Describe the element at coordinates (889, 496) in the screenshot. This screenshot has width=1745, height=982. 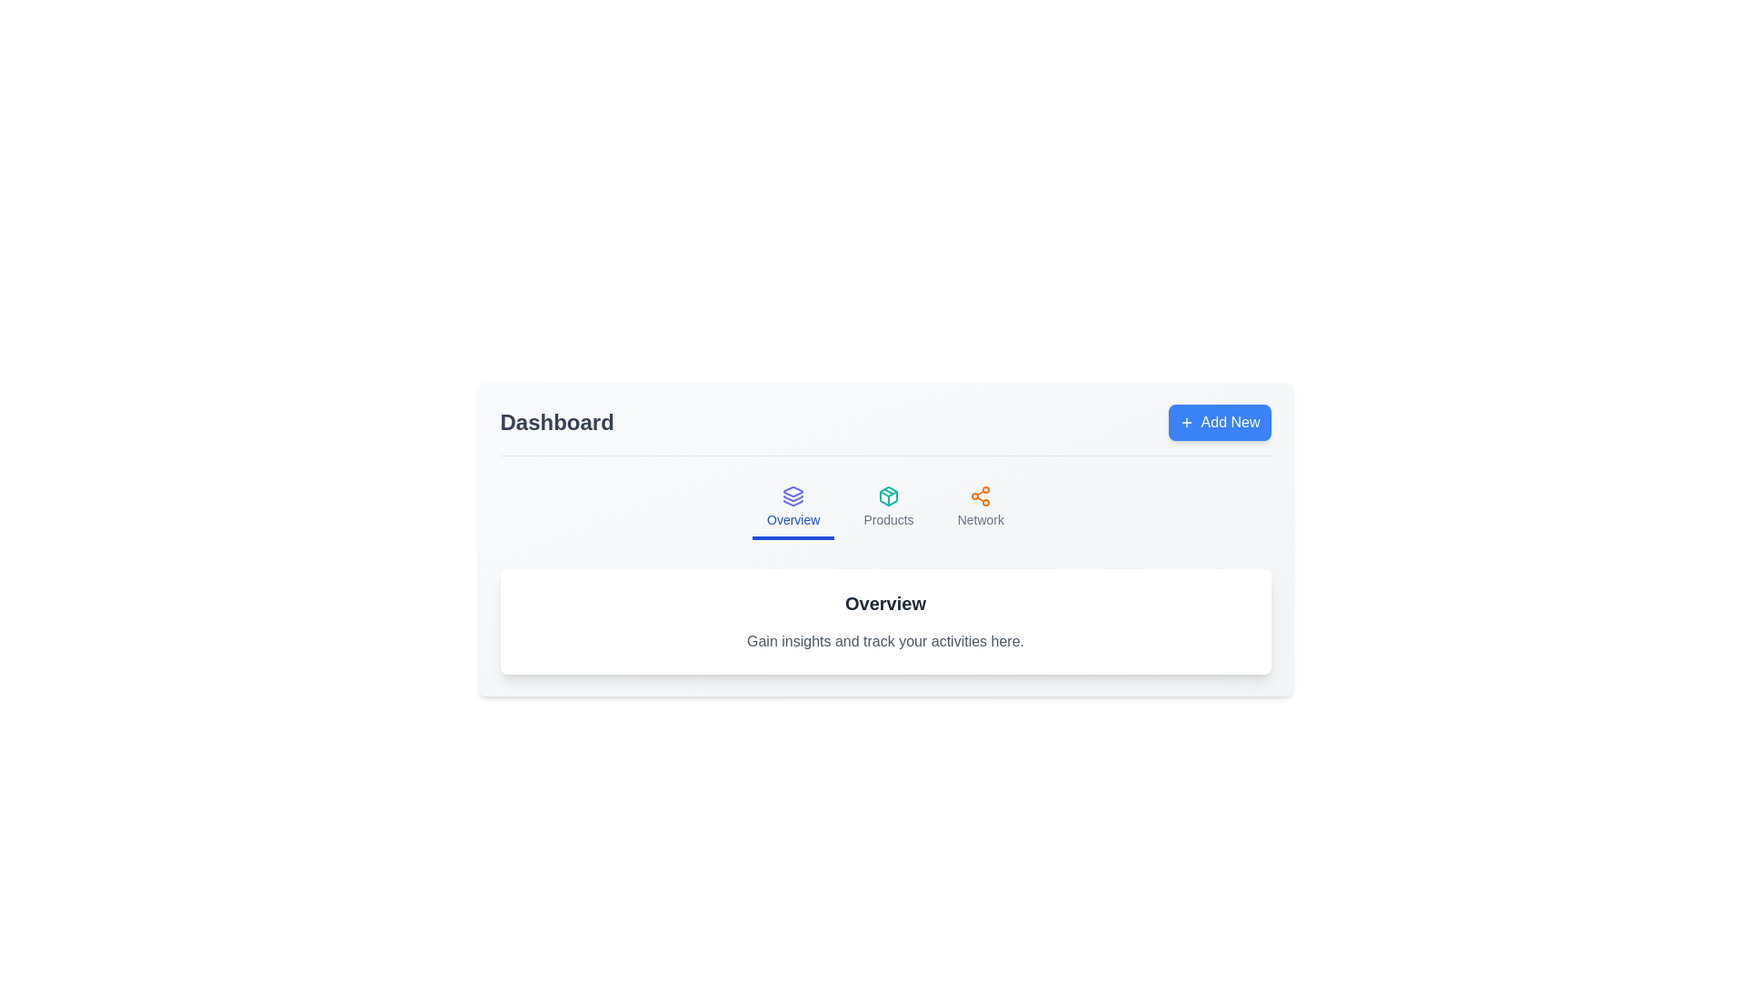
I see `the icon of the Products tab` at that location.